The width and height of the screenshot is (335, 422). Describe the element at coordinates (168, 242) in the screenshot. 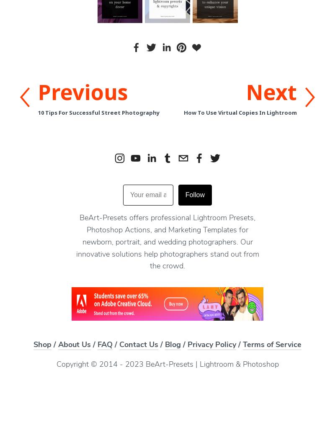

I see `'BeArt-Presets offers professional Lightroom Presets, Photoshop Actions, and Marketing Templates for newborn, portrait, and wedding photographers. Our innovative solutions help photographers stand out from the crowd.'` at that location.